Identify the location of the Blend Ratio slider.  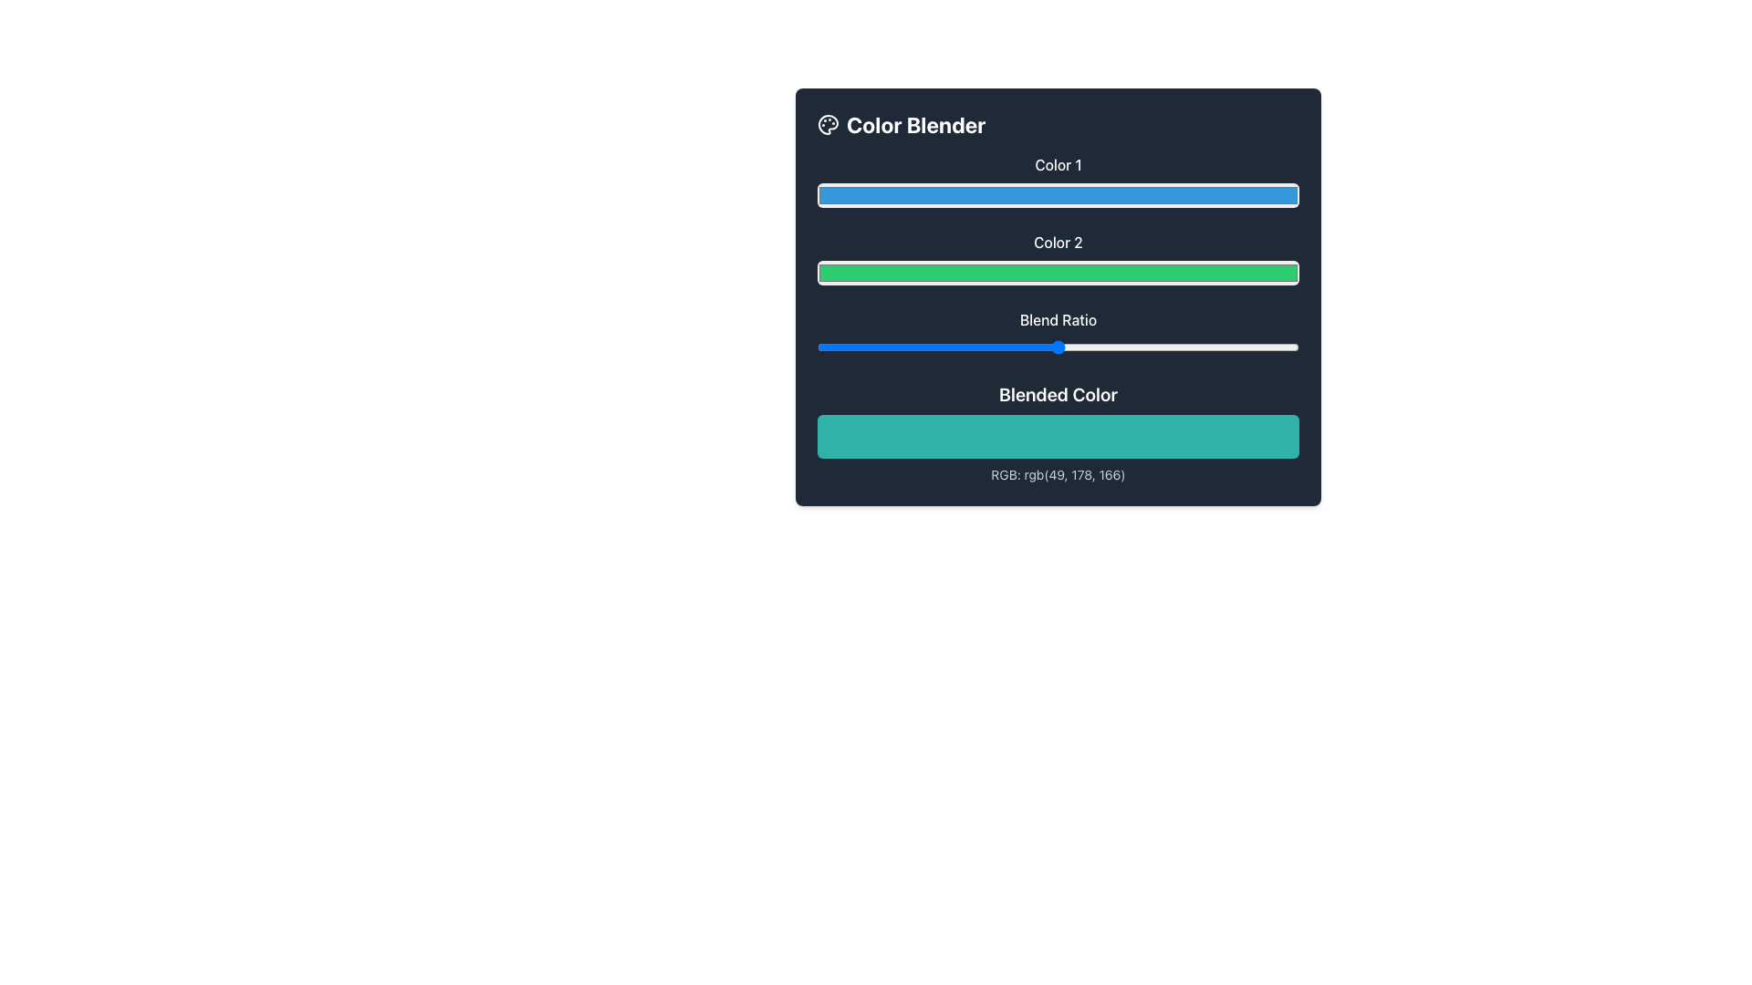
(1025, 347).